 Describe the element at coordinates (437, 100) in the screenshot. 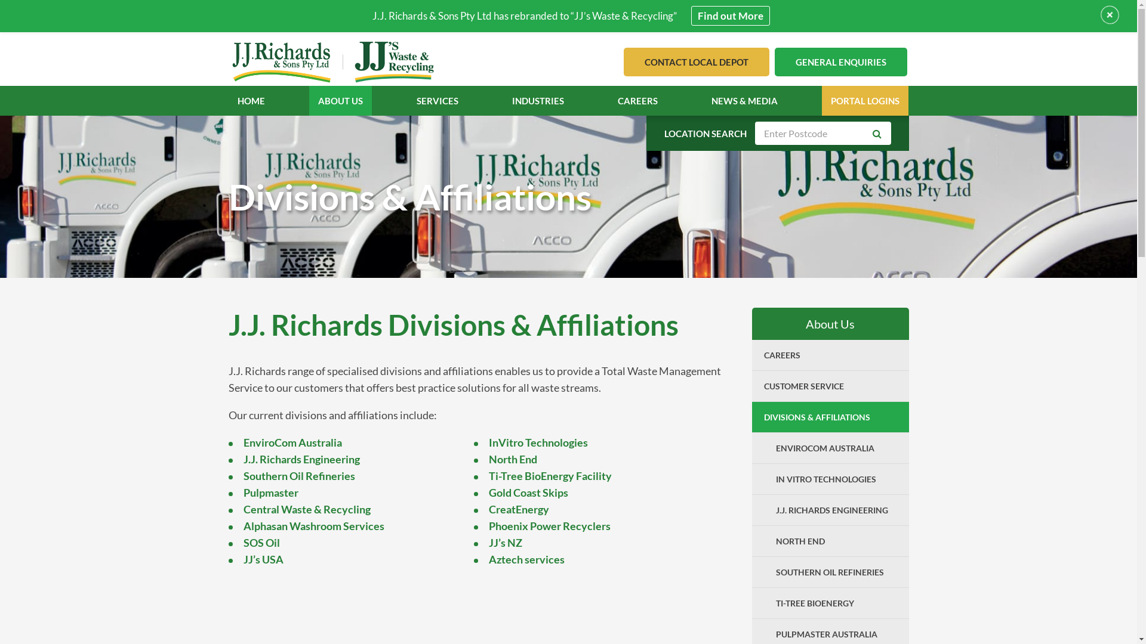

I see `'SERVICES'` at that location.